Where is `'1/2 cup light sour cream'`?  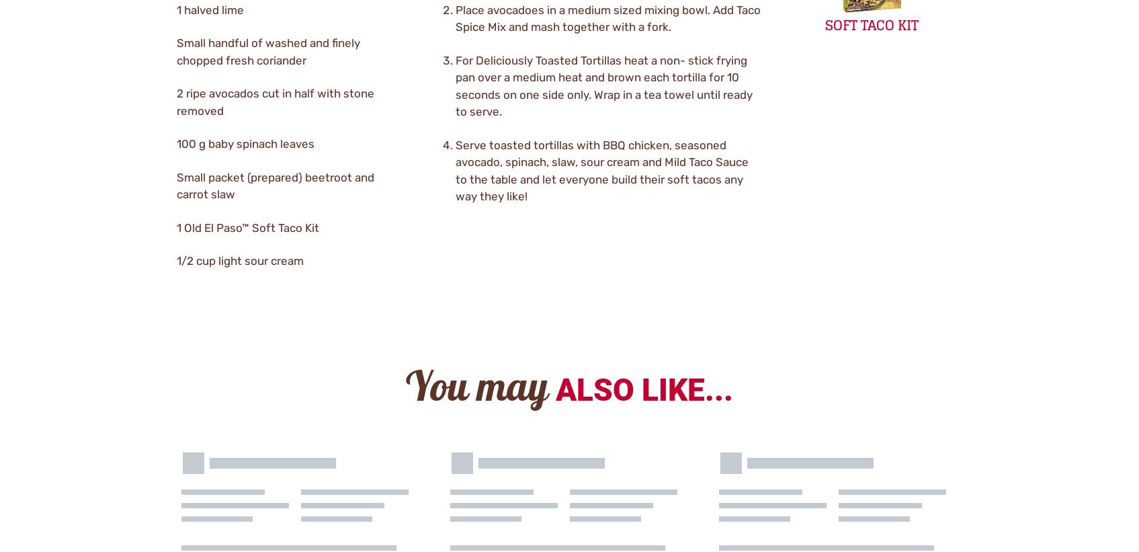
'1/2 cup light sour cream' is located at coordinates (239, 260).